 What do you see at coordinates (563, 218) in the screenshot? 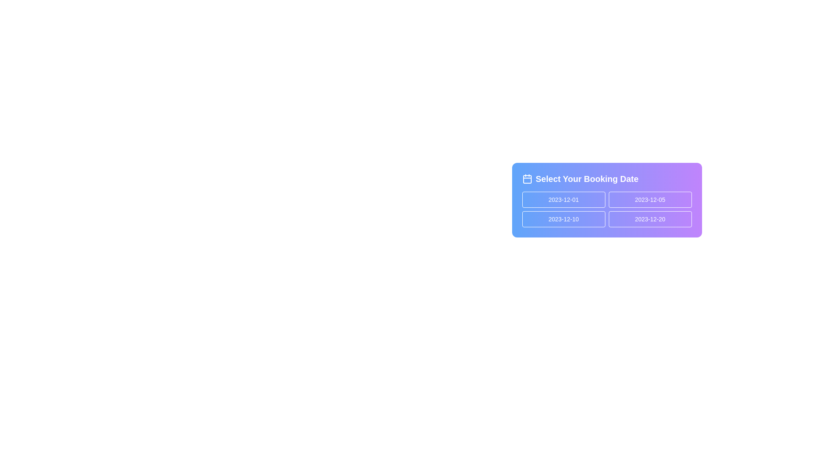
I see `the rectangular button displaying the text '2023-12-10' to trigger its hover state` at bounding box center [563, 218].